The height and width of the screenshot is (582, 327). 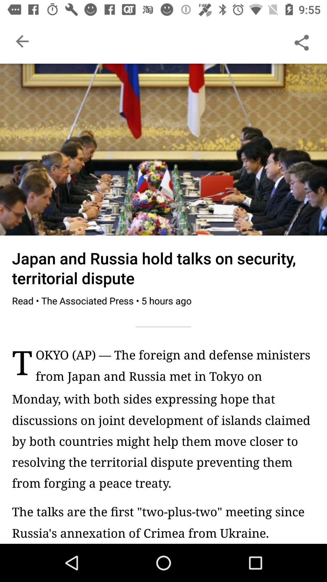 What do you see at coordinates (163, 522) in the screenshot?
I see `the item below the monday with both` at bounding box center [163, 522].